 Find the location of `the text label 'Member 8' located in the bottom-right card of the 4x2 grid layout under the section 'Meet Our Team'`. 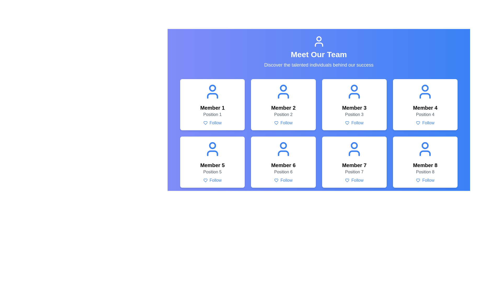

the text label 'Member 8' located in the bottom-right card of the 4x2 grid layout under the section 'Meet Our Team' is located at coordinates (425, 165).